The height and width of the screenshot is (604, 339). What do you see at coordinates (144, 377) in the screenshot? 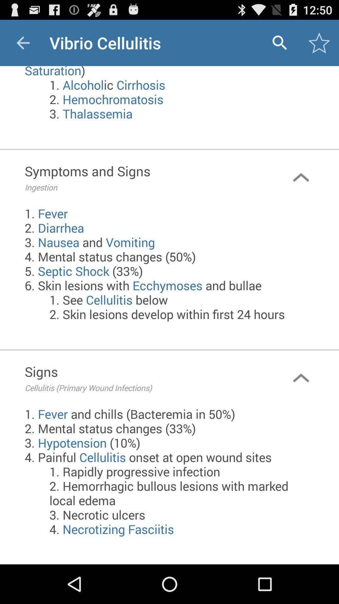
I see `the signs cellulitis primary` at bounding box center [144, 377].